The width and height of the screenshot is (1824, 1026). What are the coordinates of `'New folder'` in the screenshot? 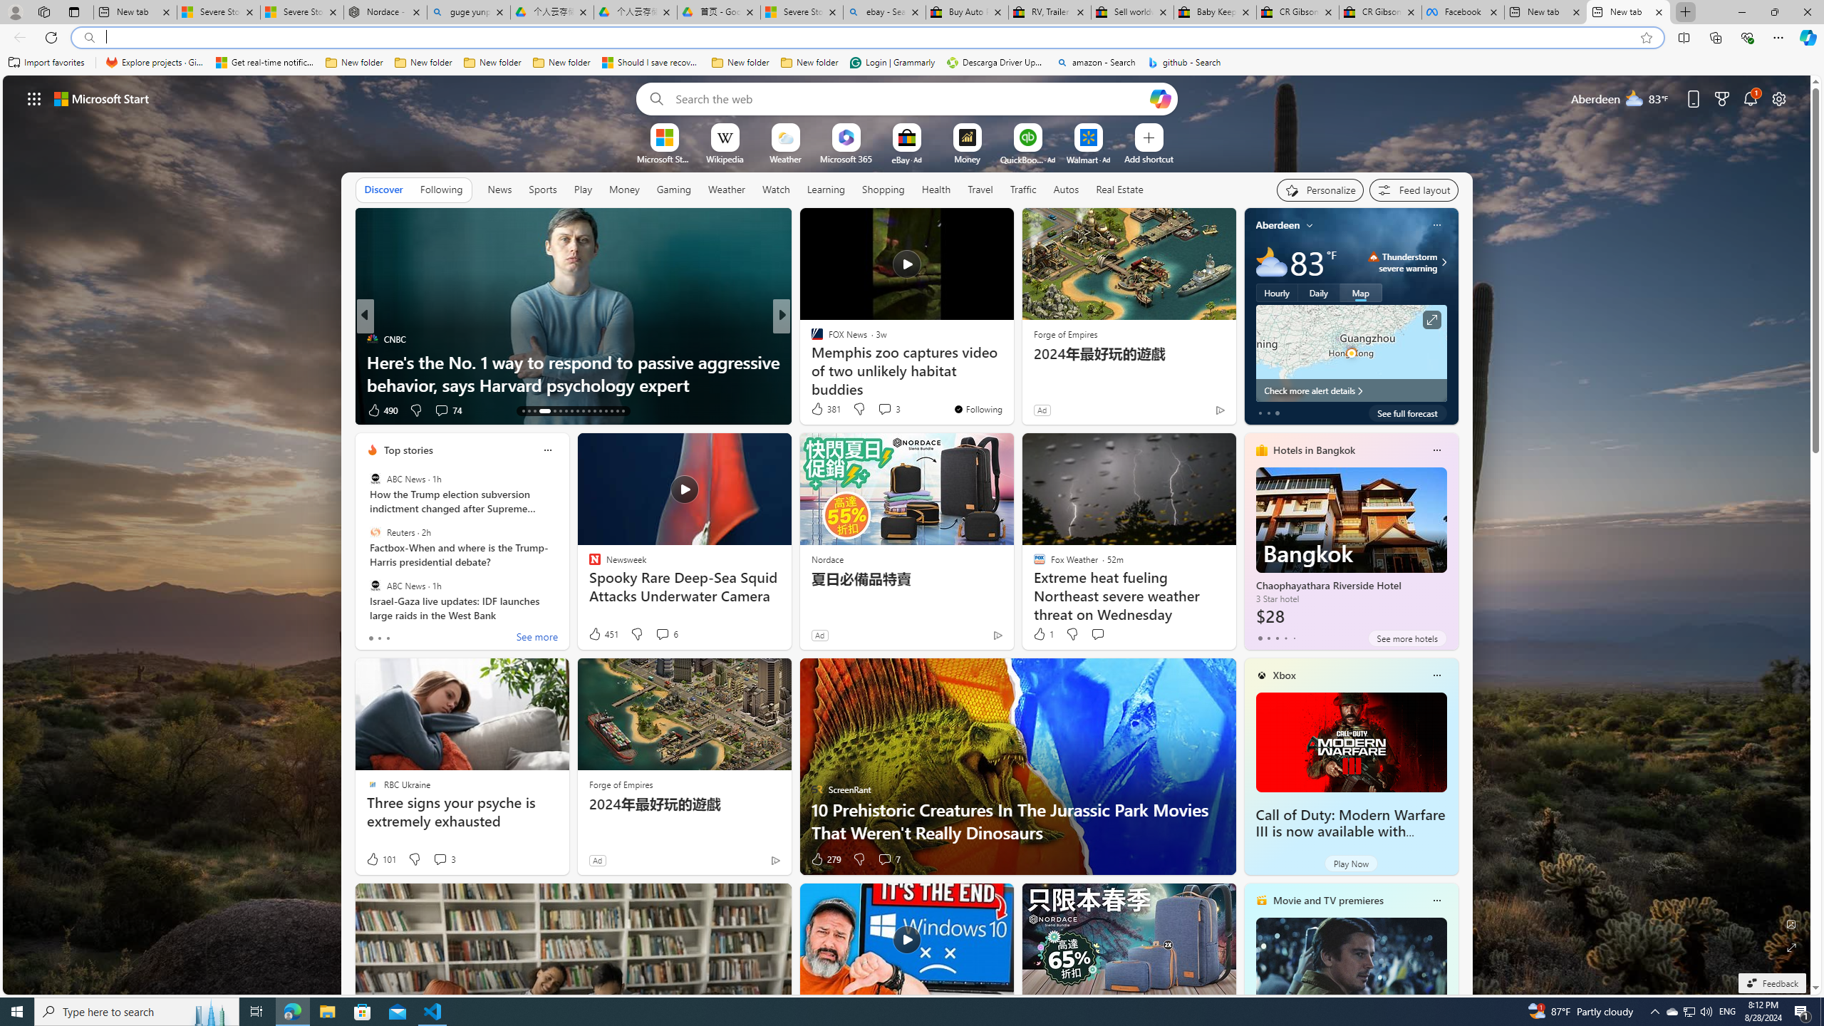 It's located at (809, 62).